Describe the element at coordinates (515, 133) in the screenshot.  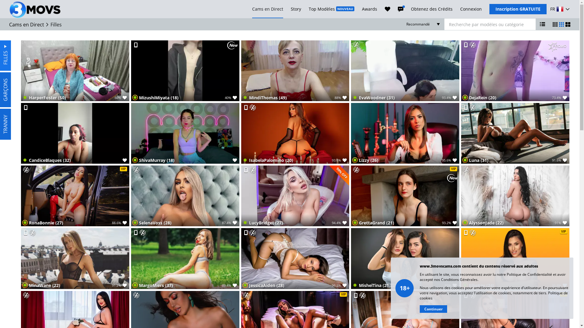
I see `'Luna (31)` at that location.